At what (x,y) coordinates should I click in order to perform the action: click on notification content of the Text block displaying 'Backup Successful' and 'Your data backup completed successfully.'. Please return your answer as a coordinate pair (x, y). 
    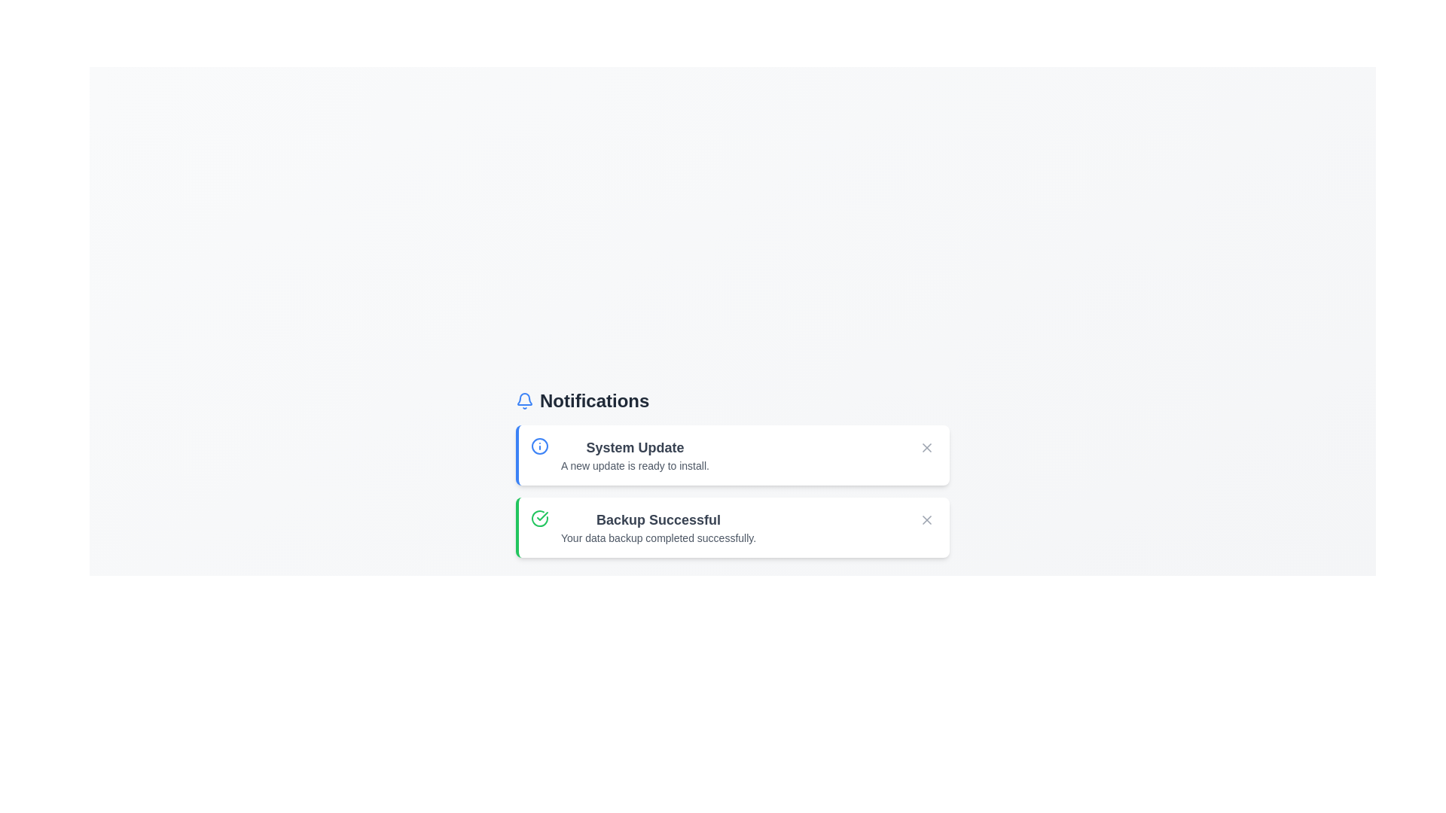
    Looking at the image, I should click on (658, 527).